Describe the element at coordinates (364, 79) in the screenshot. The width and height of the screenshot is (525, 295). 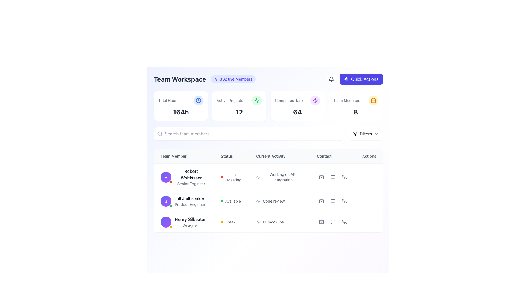
I see `the text label within the button in the top-right corner of the interface to interact with the button that likely opens a menu or interface for quick-access features` at that location.